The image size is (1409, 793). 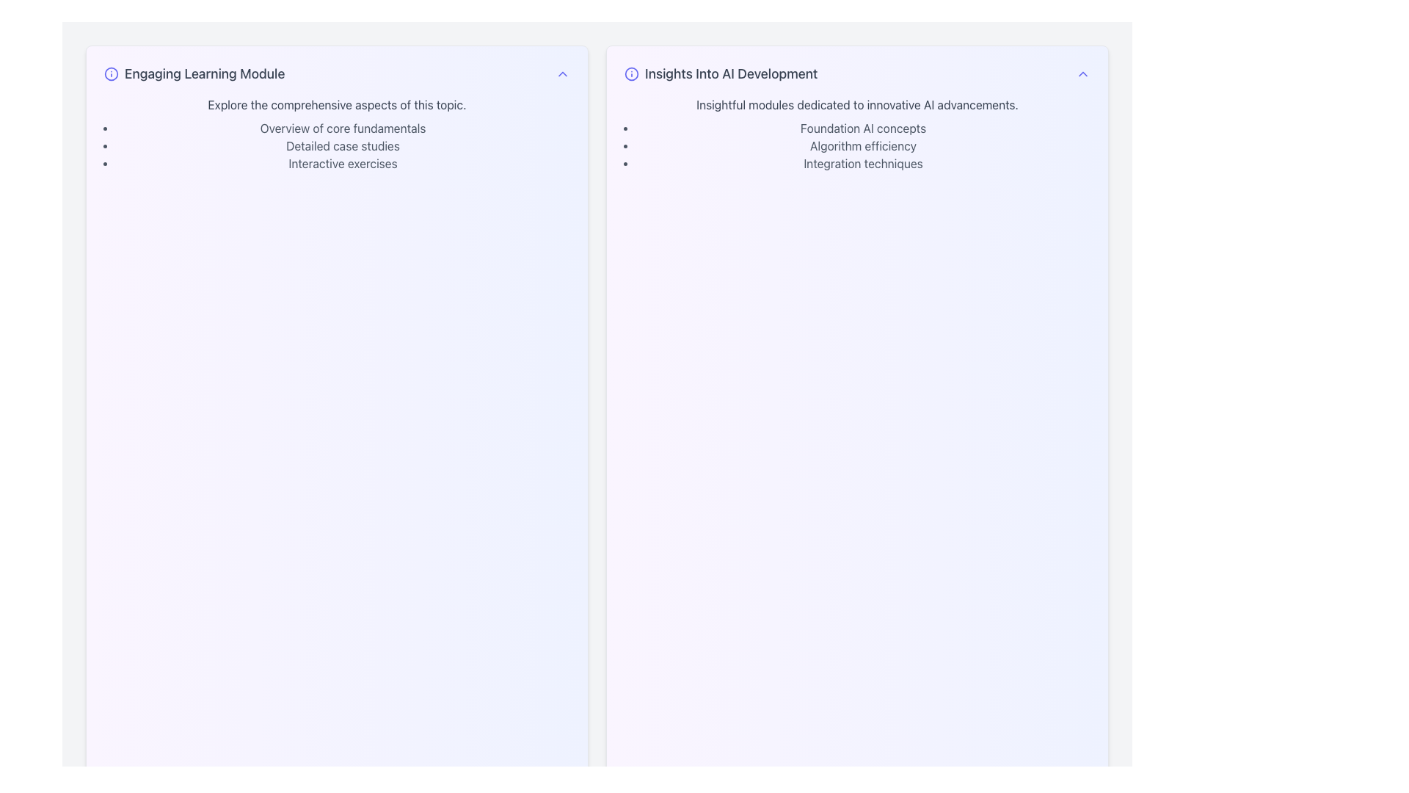 What do you see at coordinates (863, 164) in the screenshot?
I see `the text label reading 'Integration techniques', which is the third item in a vertical bulleted list located in the center-right area of the interface` at bounding box center [863, 164].